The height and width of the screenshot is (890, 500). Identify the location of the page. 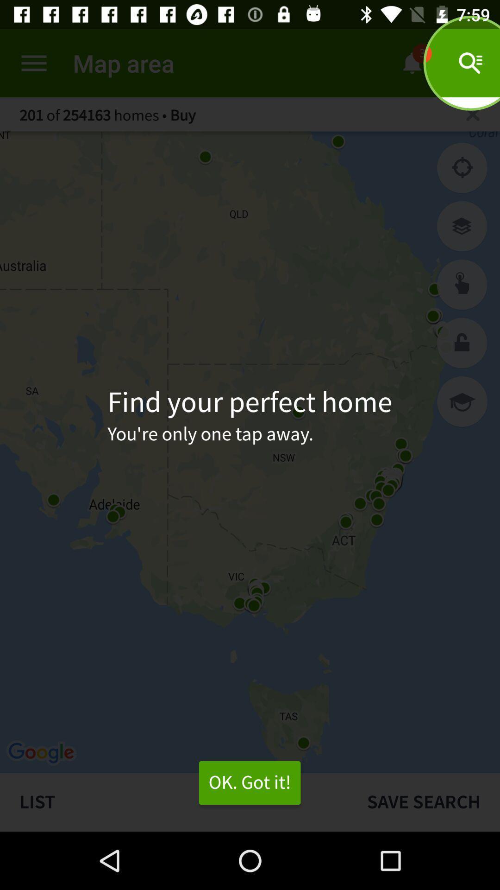
(473, 114).